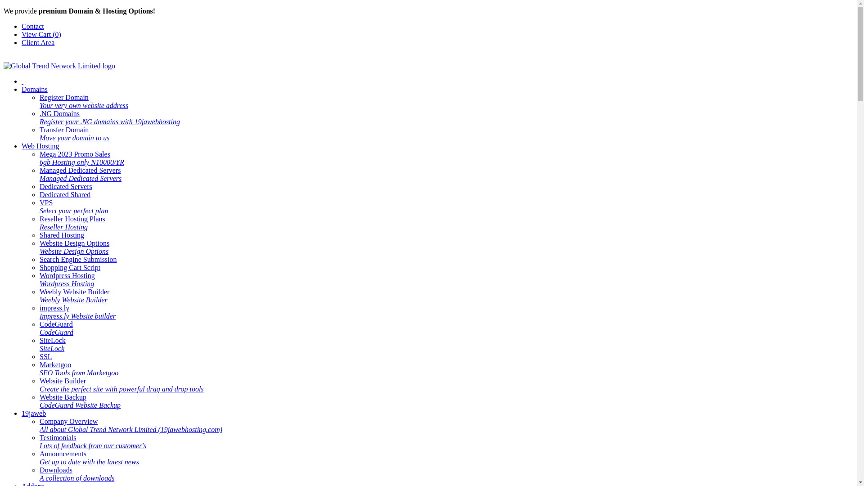  What do you see at coordinates (32, 26) in the screenshot?
I see `'Contact'` at bounding box center [32, 26].